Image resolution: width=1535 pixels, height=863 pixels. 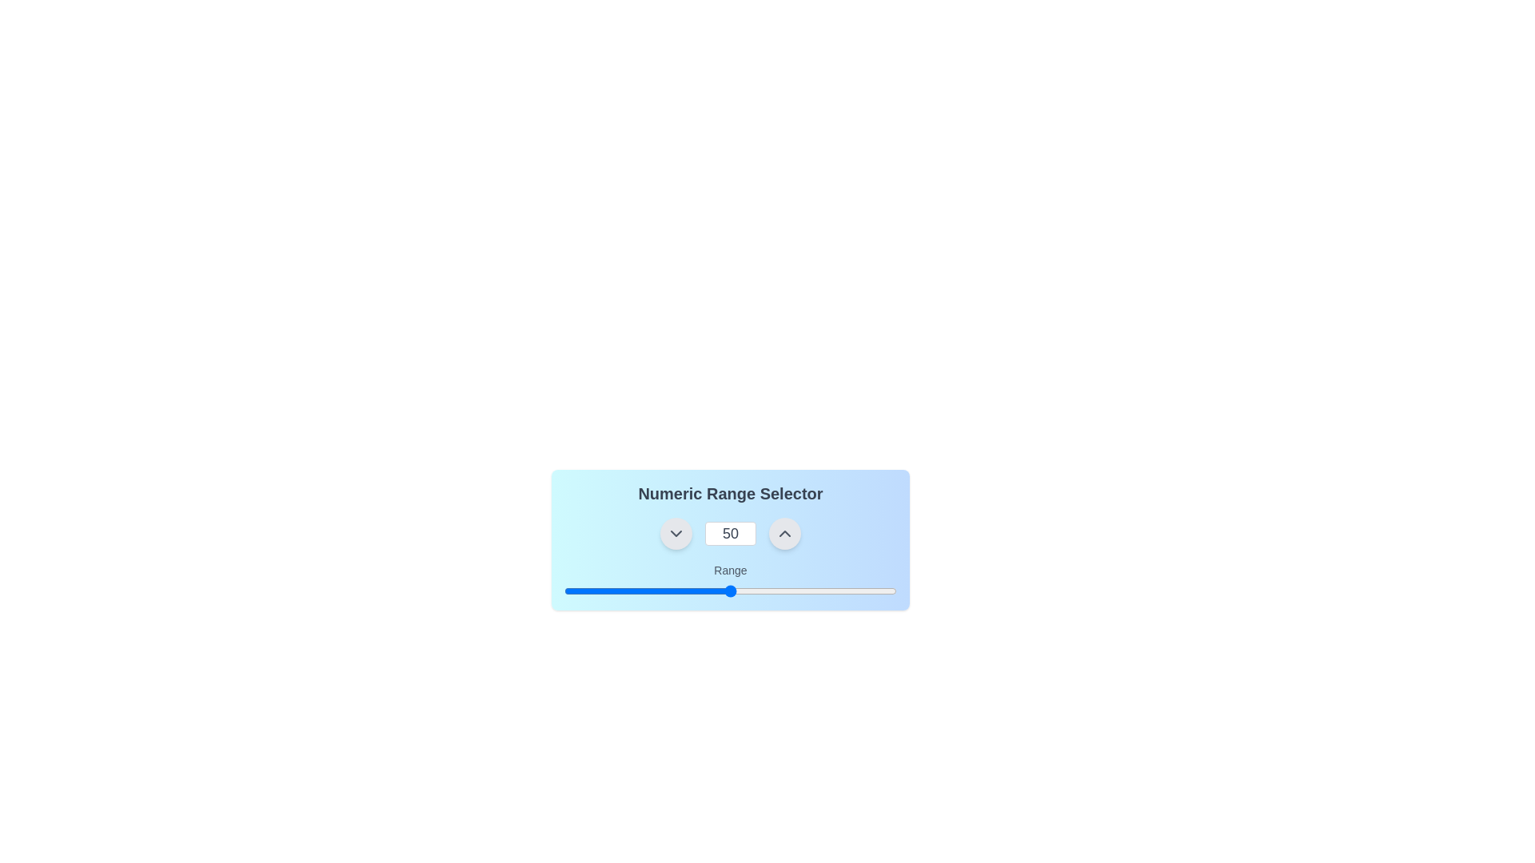 What do you see at coordinates (697, 591) in the screenshot?
I see `the slider` at bounding box center [697, 591].